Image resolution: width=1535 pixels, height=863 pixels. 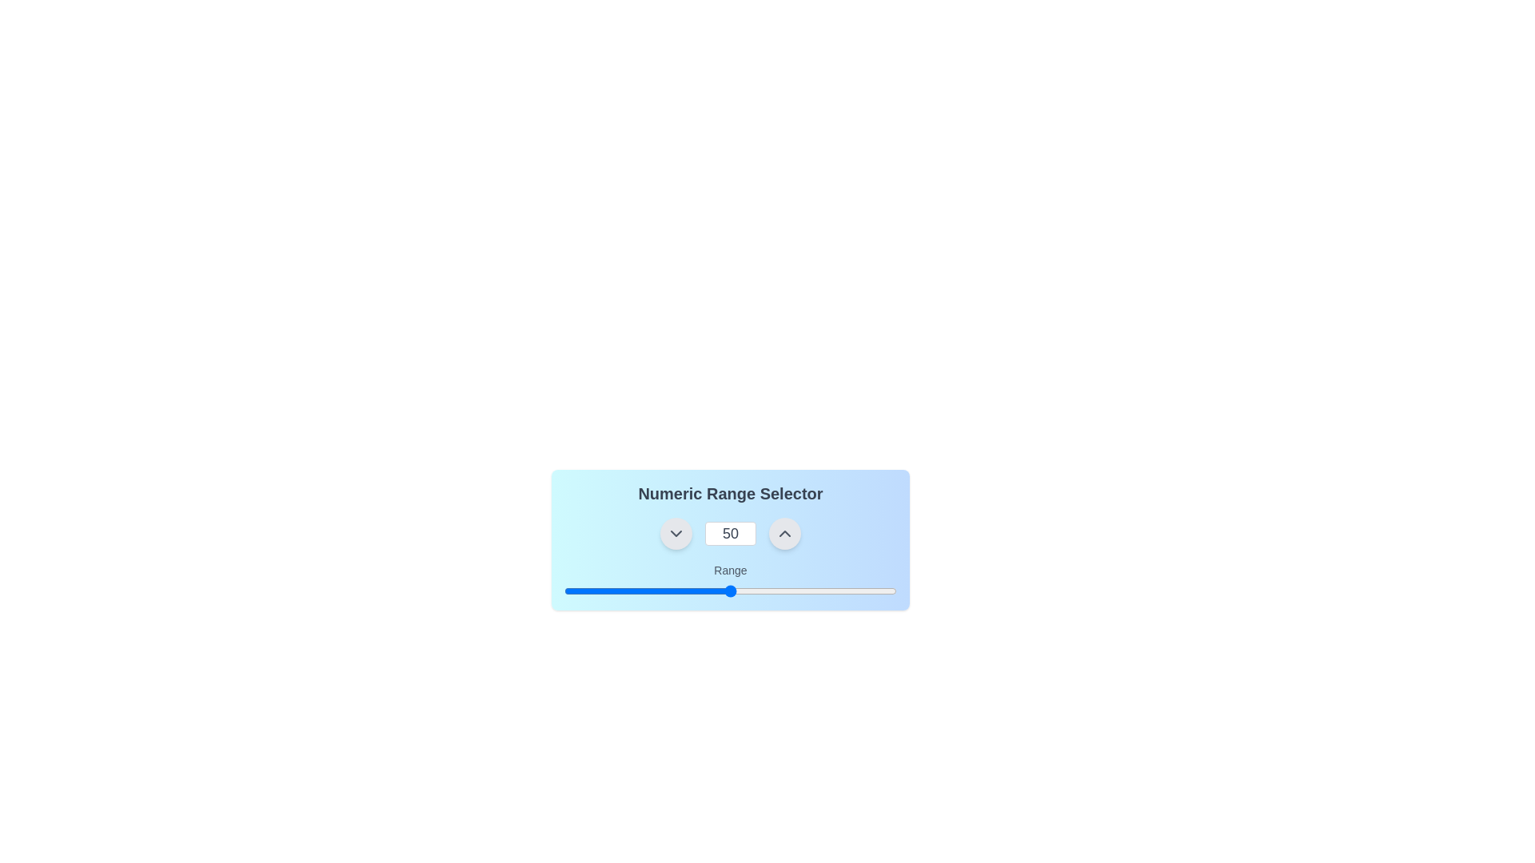 What do you see at coordinates (697, 591) in the screenshot?
I see `the slider` at bounding box center [697, 591].